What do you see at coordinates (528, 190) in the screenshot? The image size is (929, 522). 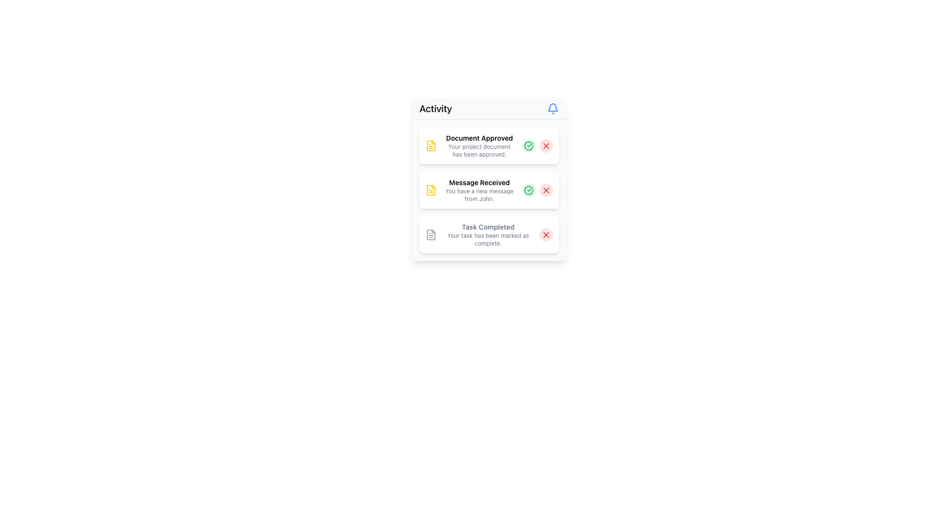 I see `the green checkmark icon indicating a successful action in the second notification row of the activity feed for the 'Message Received' notification` at bounding box center [528, 190].